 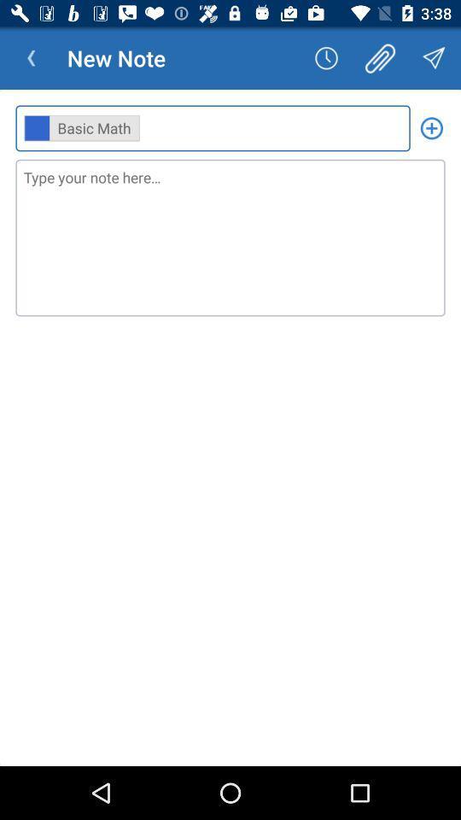 I want to click on the icon to the right of the ,,, so click(x=430, y=127).